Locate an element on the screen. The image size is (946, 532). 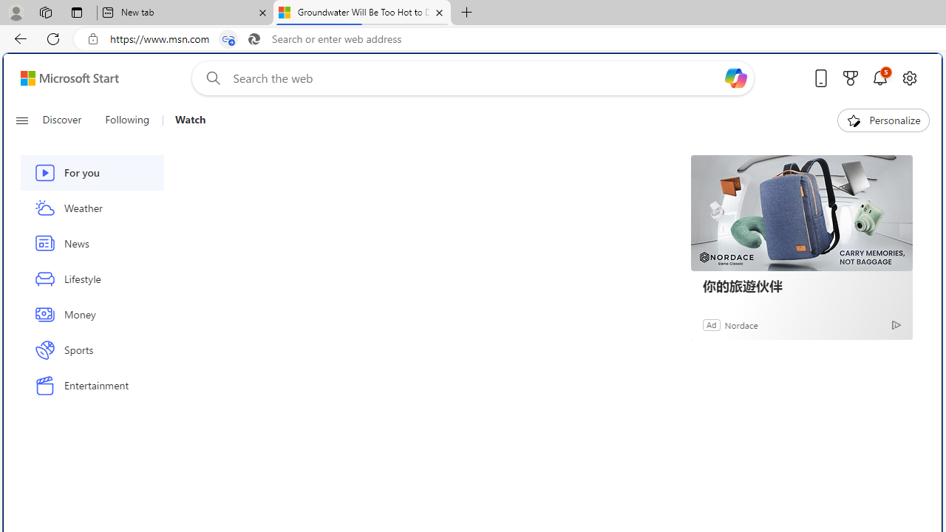
'Skip to content' is located at coordinates (64, 78).